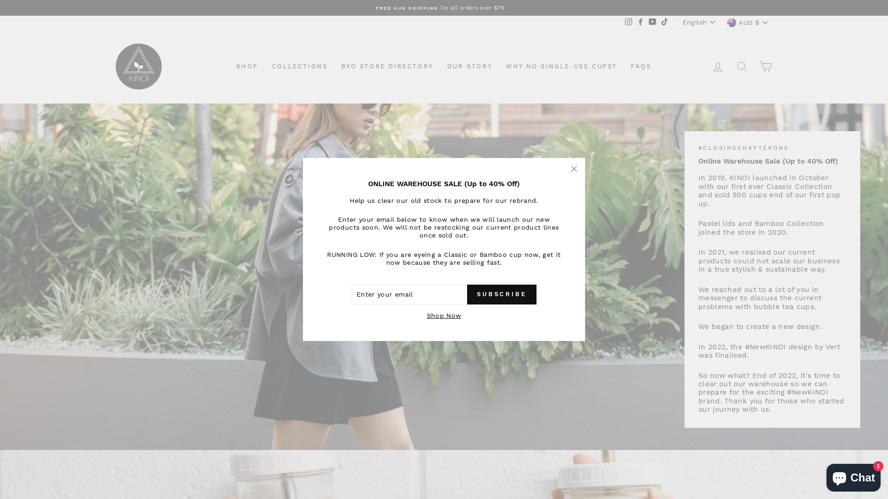  What do you see at coordinates (748, 22) in the screenshot?
I see `'AUD $'` at bounding box center [748, 22].